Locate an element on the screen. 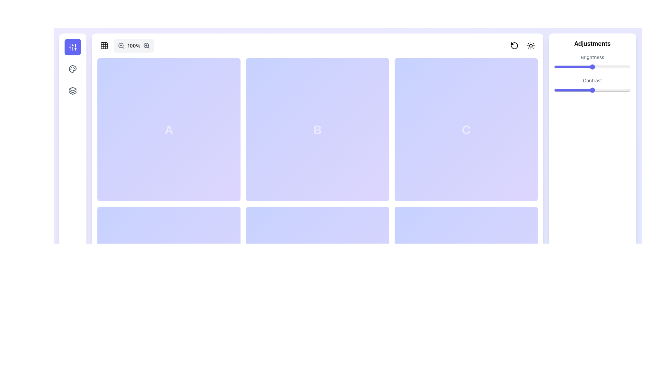  the first icon within the purple rectangular button in the vertically aligned toolbar is located at coordinates (72, 47).